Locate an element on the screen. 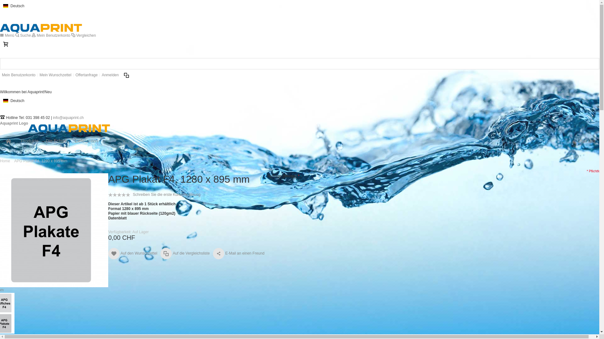  'Die Echten' is located at coordinates (57, 140).